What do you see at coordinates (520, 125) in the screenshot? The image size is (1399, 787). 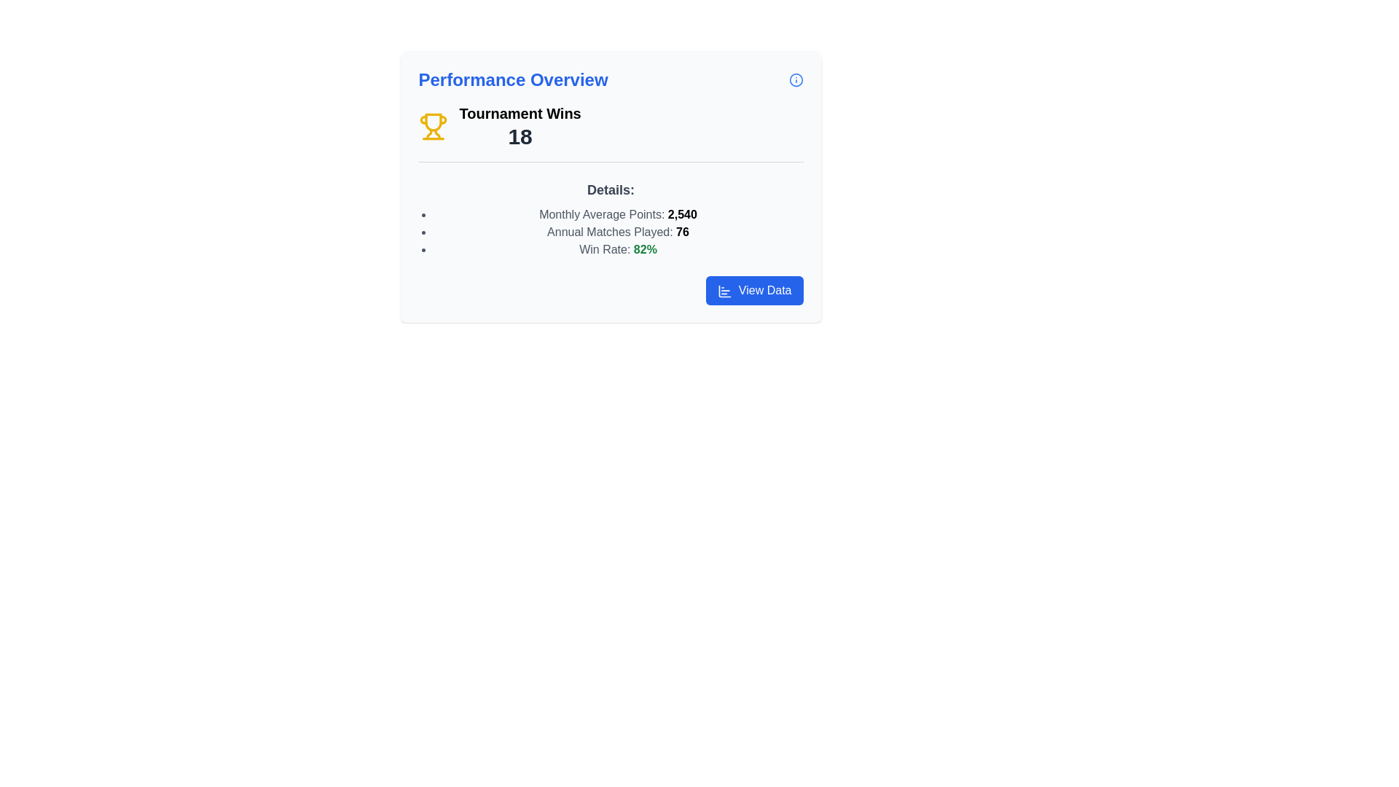 I see `contents of the text block displaying 'Tournament Wins' and the number '18', which is centrally aligned and located adjacent to a trophy icon in the 'Performance Overview' section` at bounding box center [520, 125].